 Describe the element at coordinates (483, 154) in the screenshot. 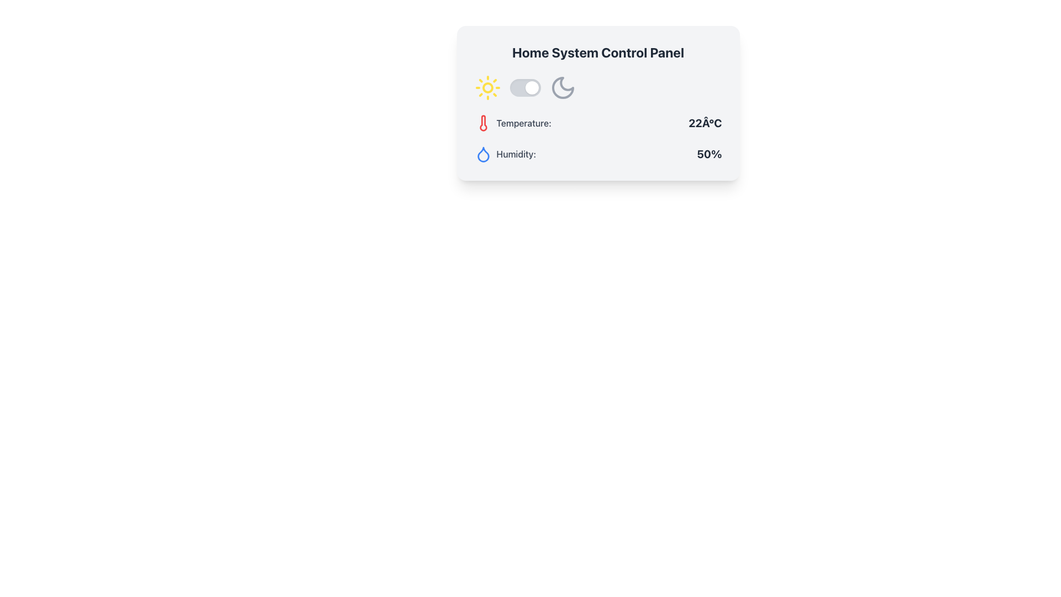

I see `the humidity icon located to the left of the 'Humidity:' text in the environmental indicators panel` at that location.